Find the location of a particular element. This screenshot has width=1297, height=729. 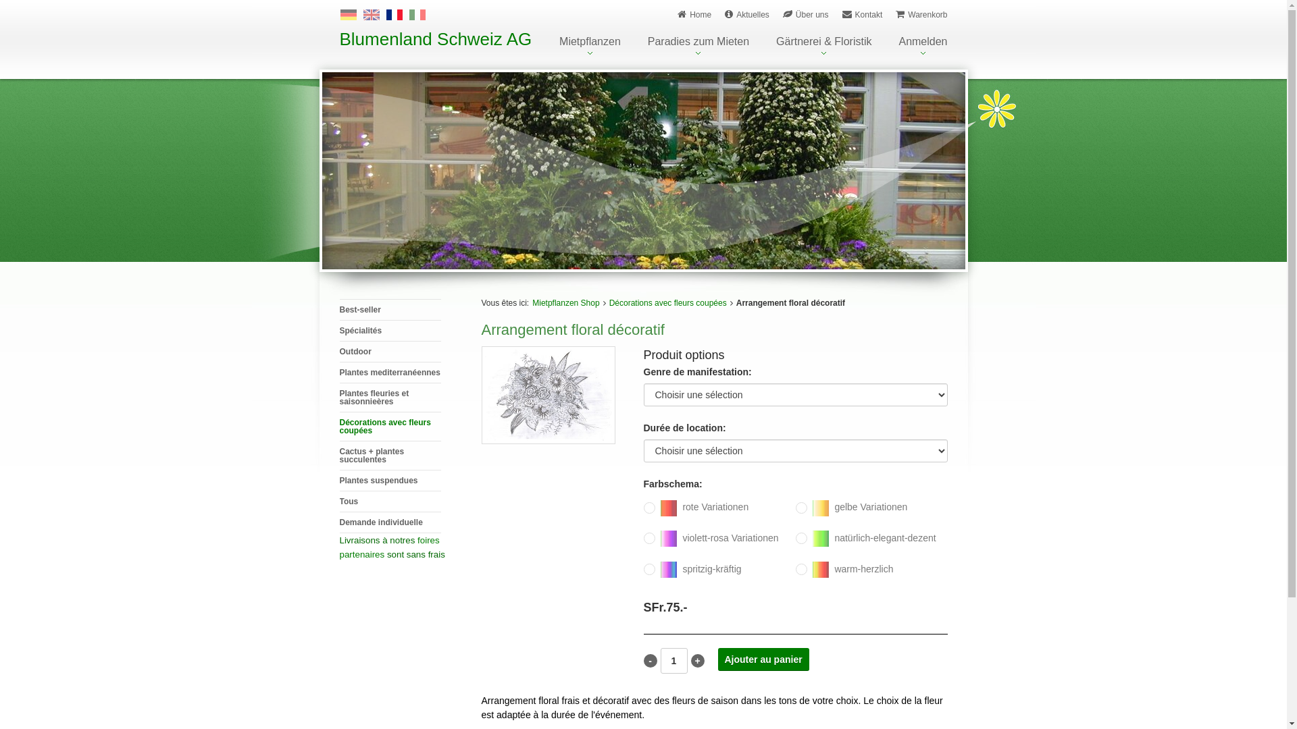

'Demande individuelle' is located at coordinates (388, 521).